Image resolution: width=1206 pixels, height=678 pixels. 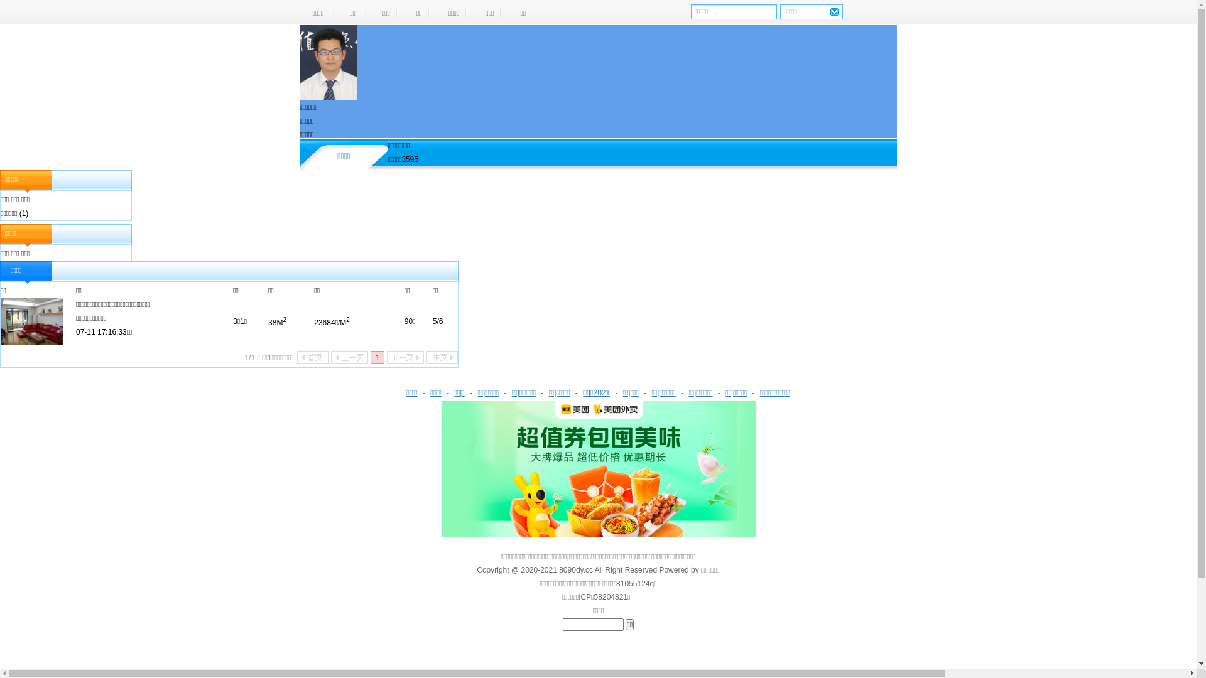 I want to click on '1', so click(x=370, y=357).